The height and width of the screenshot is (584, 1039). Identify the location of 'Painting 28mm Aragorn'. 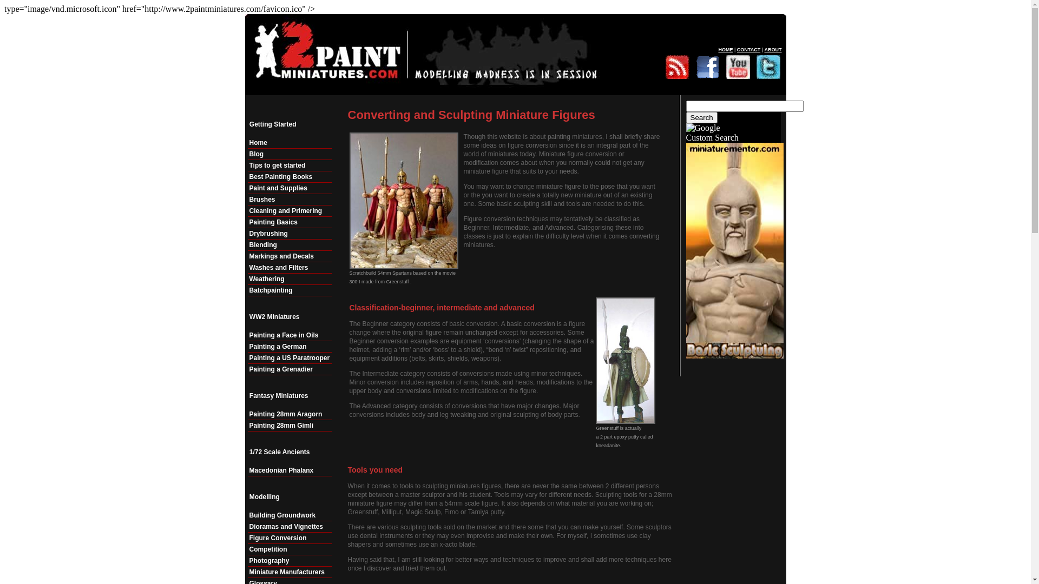
(290, 414).